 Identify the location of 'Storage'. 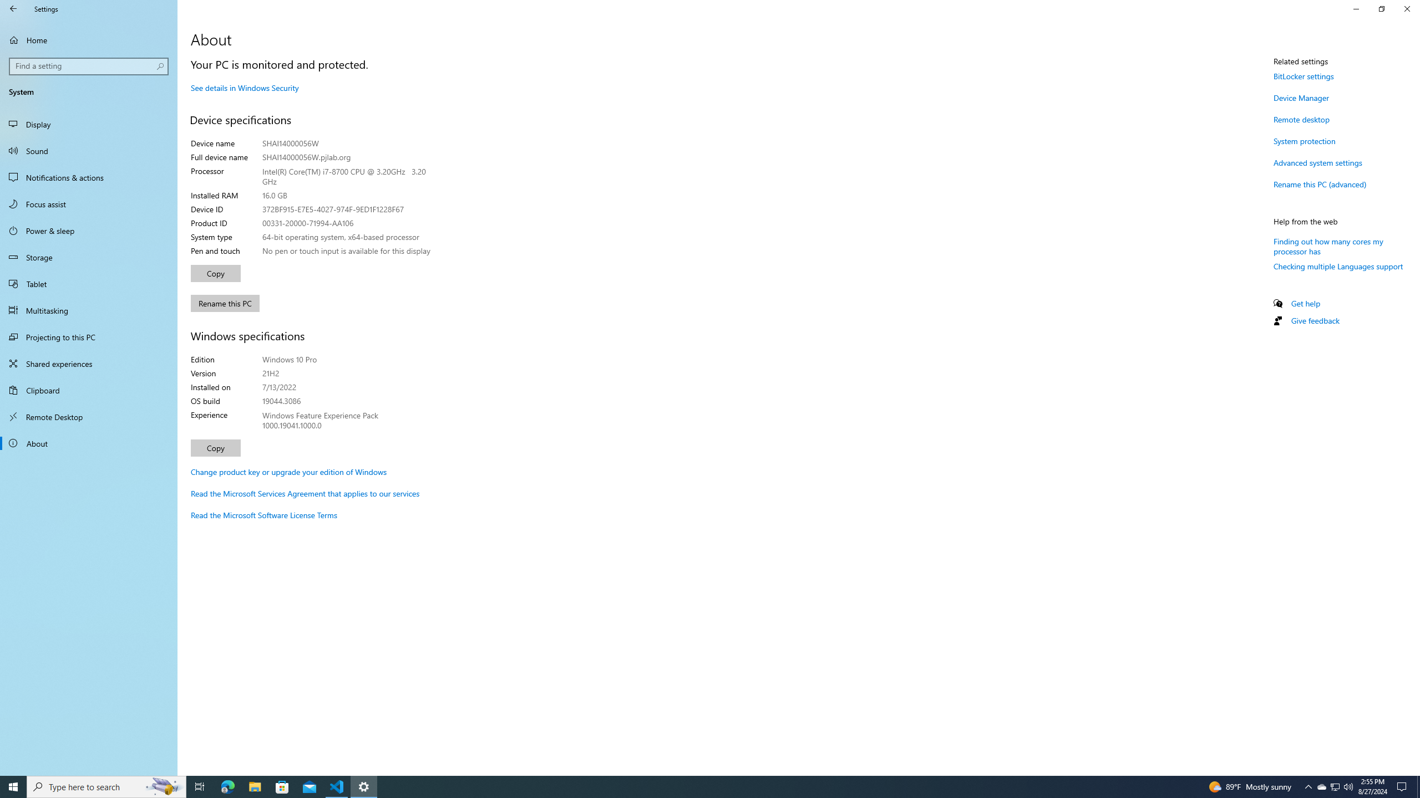
(88, 257).